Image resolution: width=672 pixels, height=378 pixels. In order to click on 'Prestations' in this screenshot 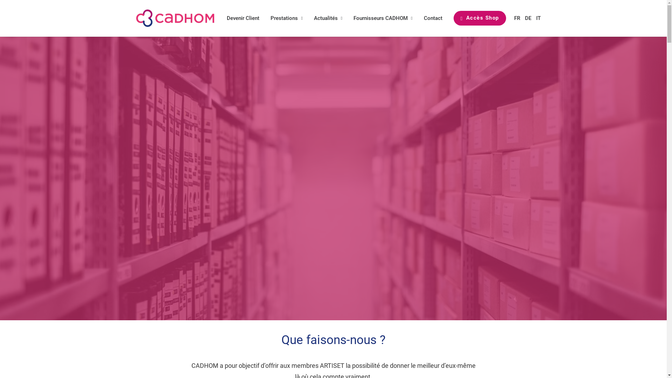, I will do `click(286, 17)`.